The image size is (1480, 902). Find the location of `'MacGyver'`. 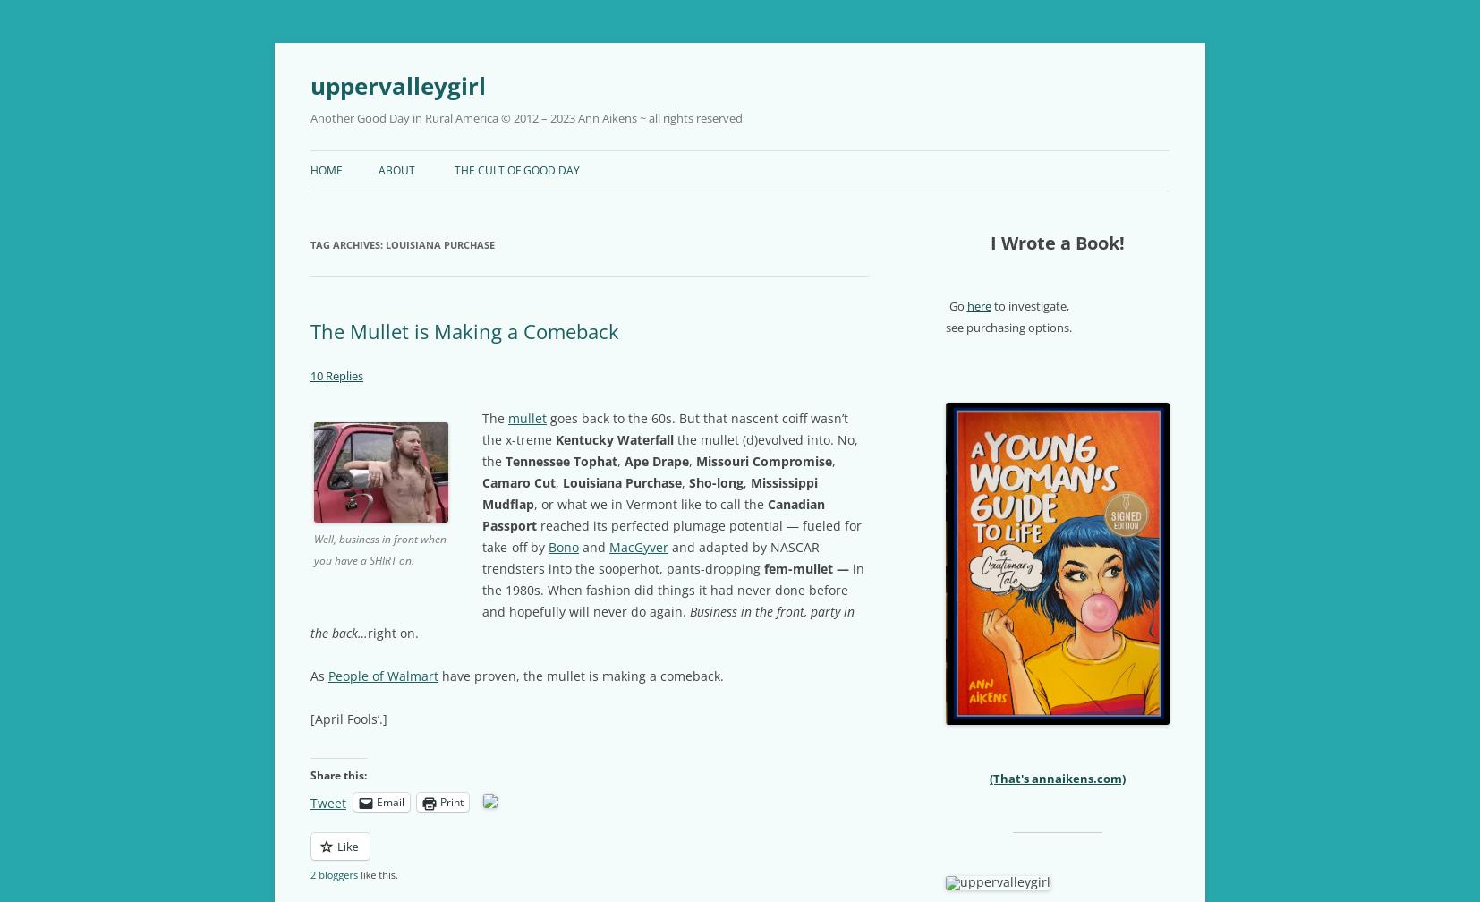

'MacGyver' is located at coordinates (639, 546).